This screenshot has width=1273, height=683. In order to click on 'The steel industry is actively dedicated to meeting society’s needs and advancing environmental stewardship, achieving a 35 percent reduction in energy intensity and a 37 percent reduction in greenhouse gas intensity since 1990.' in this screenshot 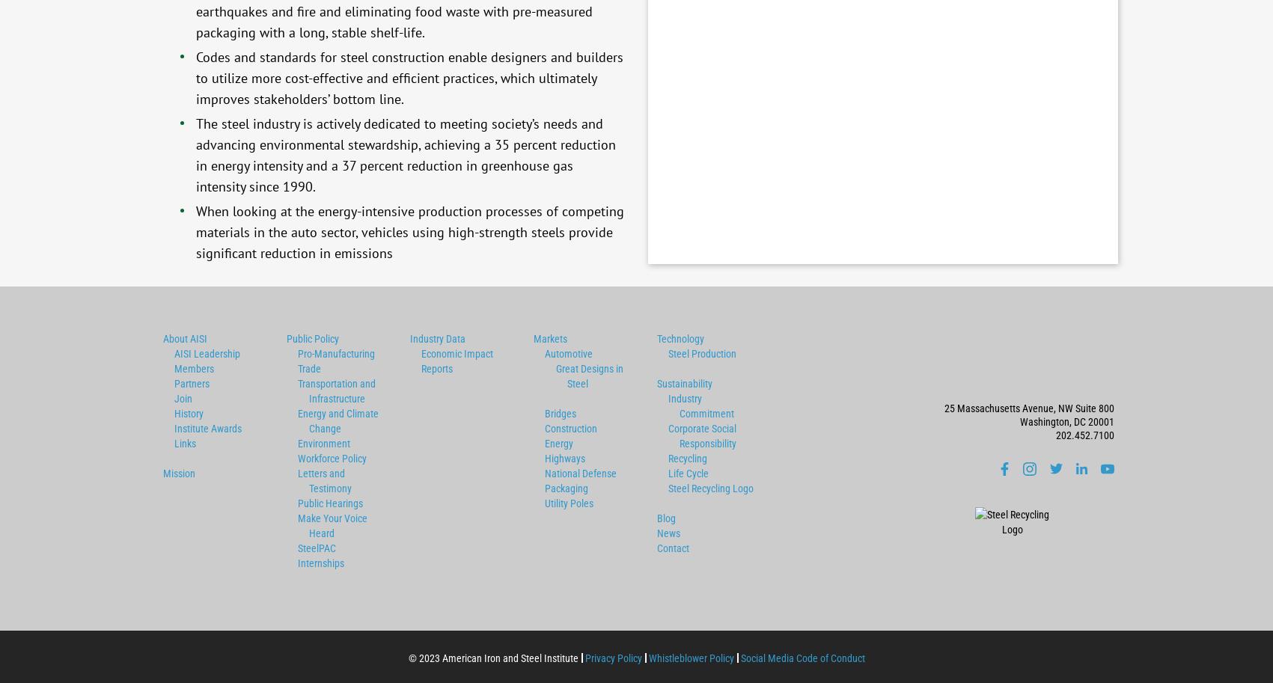, I will do `click(405, 154)`.